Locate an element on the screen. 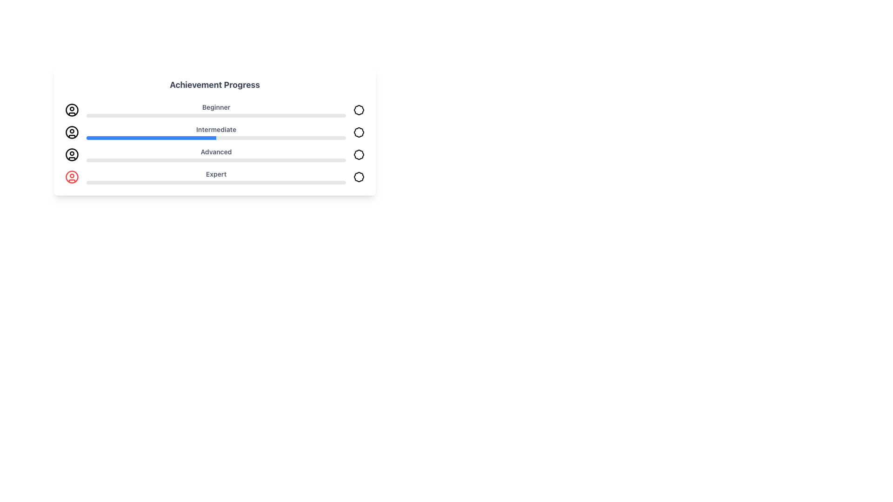  the Decorative Icon, which is a circular icon with a scalloped edge located at the bottom right corner of the 'Achievement Progress' interface in the 'Expert' row is located at coordinates (359, 177).